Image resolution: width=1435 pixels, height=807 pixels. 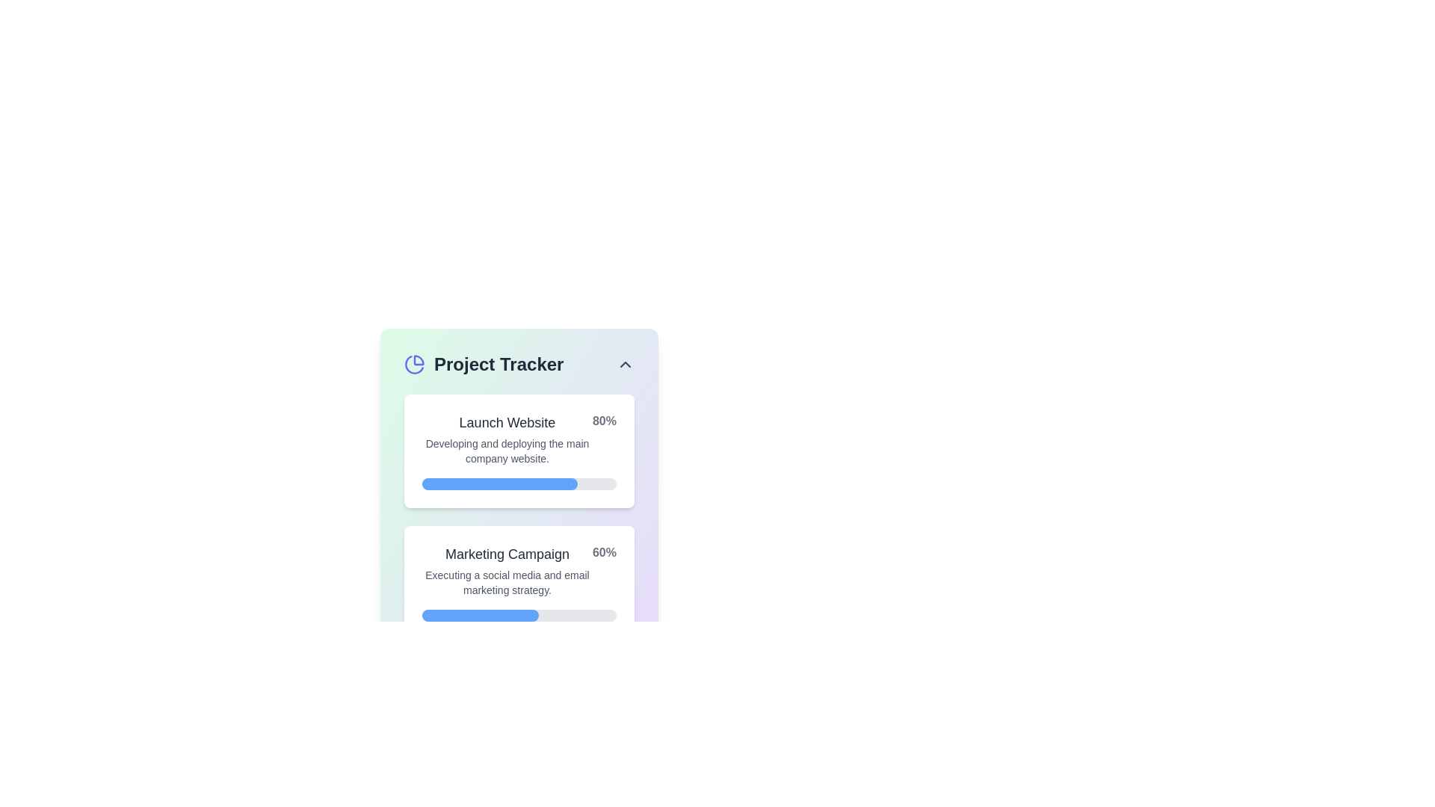 I want to click on the 'Launch Website' informational card located in the upper-left quadrant of the main interface, so click(x=519, y=466).